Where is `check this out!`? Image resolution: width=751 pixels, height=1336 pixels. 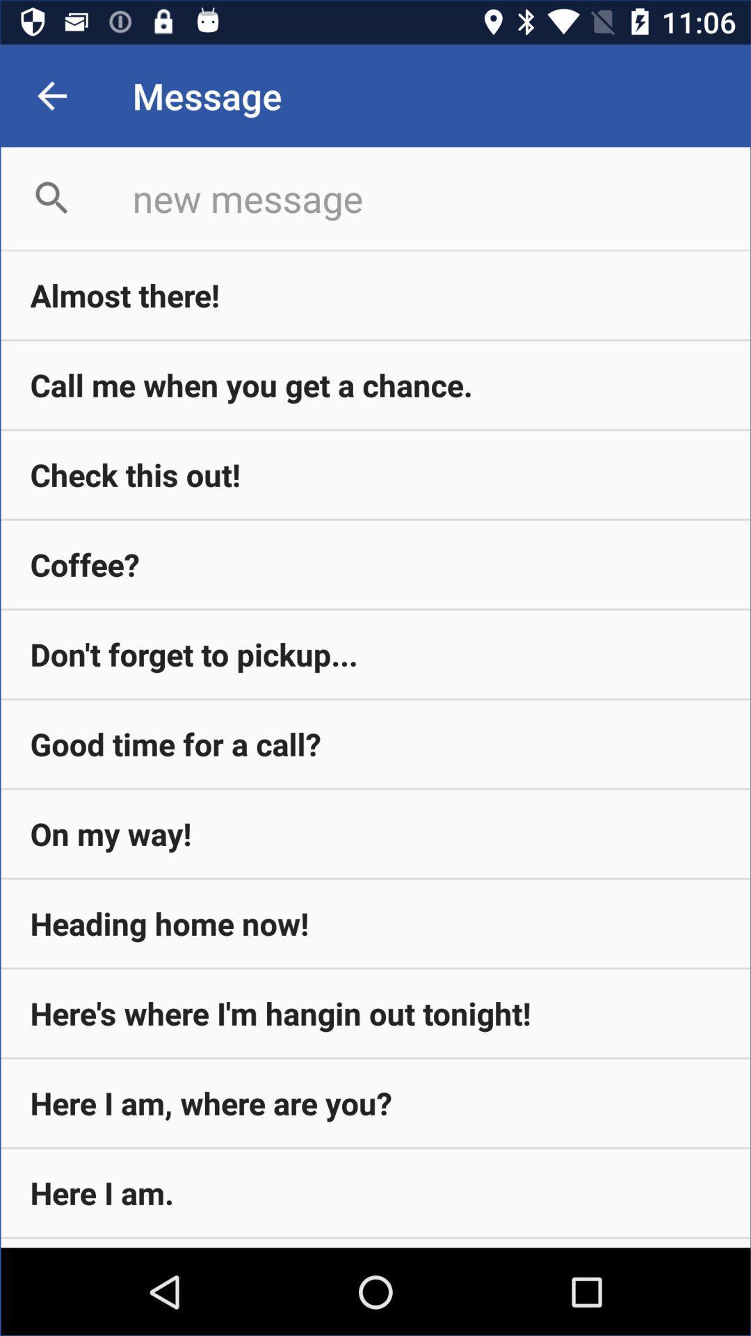 check this out! is located at coordinates (375, 475).